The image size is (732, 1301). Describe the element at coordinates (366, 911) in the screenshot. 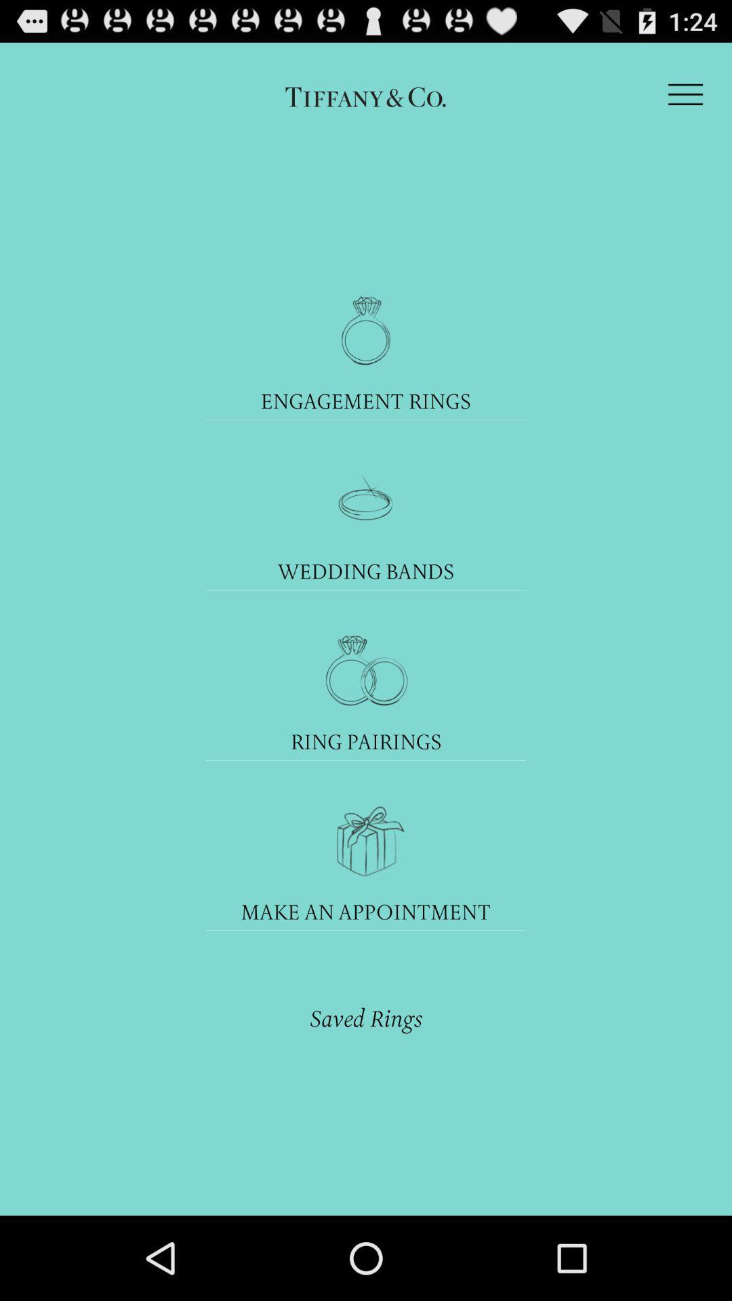

I see `make an appointment icon` at that location.